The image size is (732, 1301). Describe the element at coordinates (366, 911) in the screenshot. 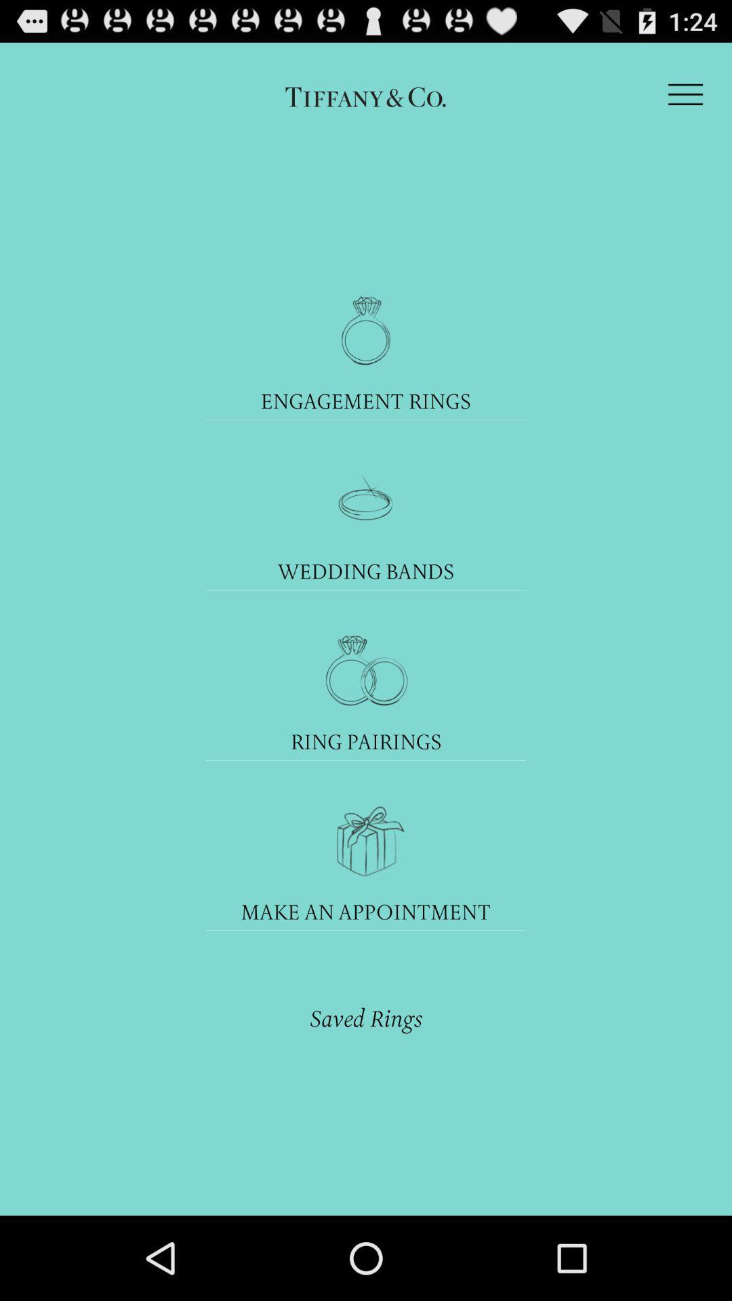

I see `make an appointment icon` at that location.